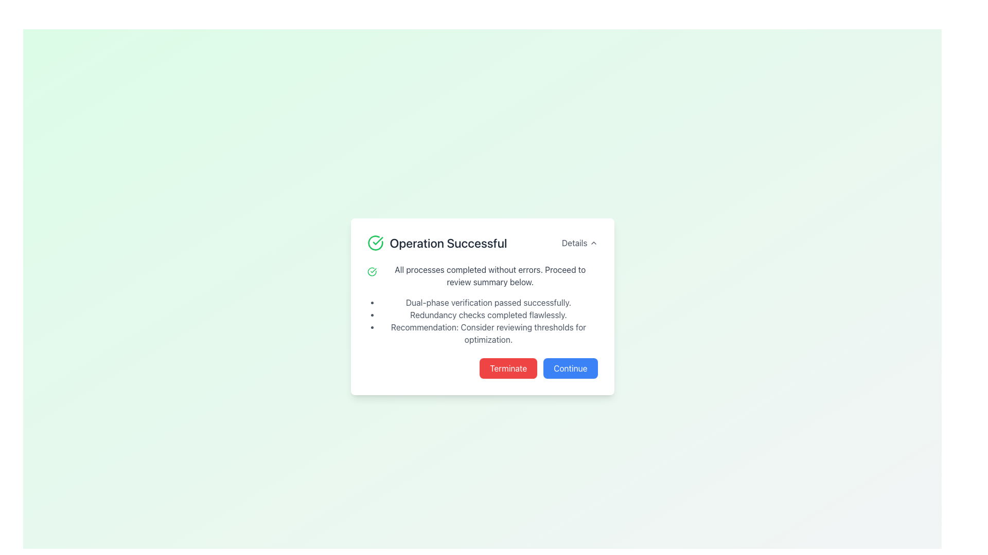  I want to click on the 'Details' link element with an upward chevron icon located in the top-right corner of the 'Operation Successful' card, so click(579, 243).